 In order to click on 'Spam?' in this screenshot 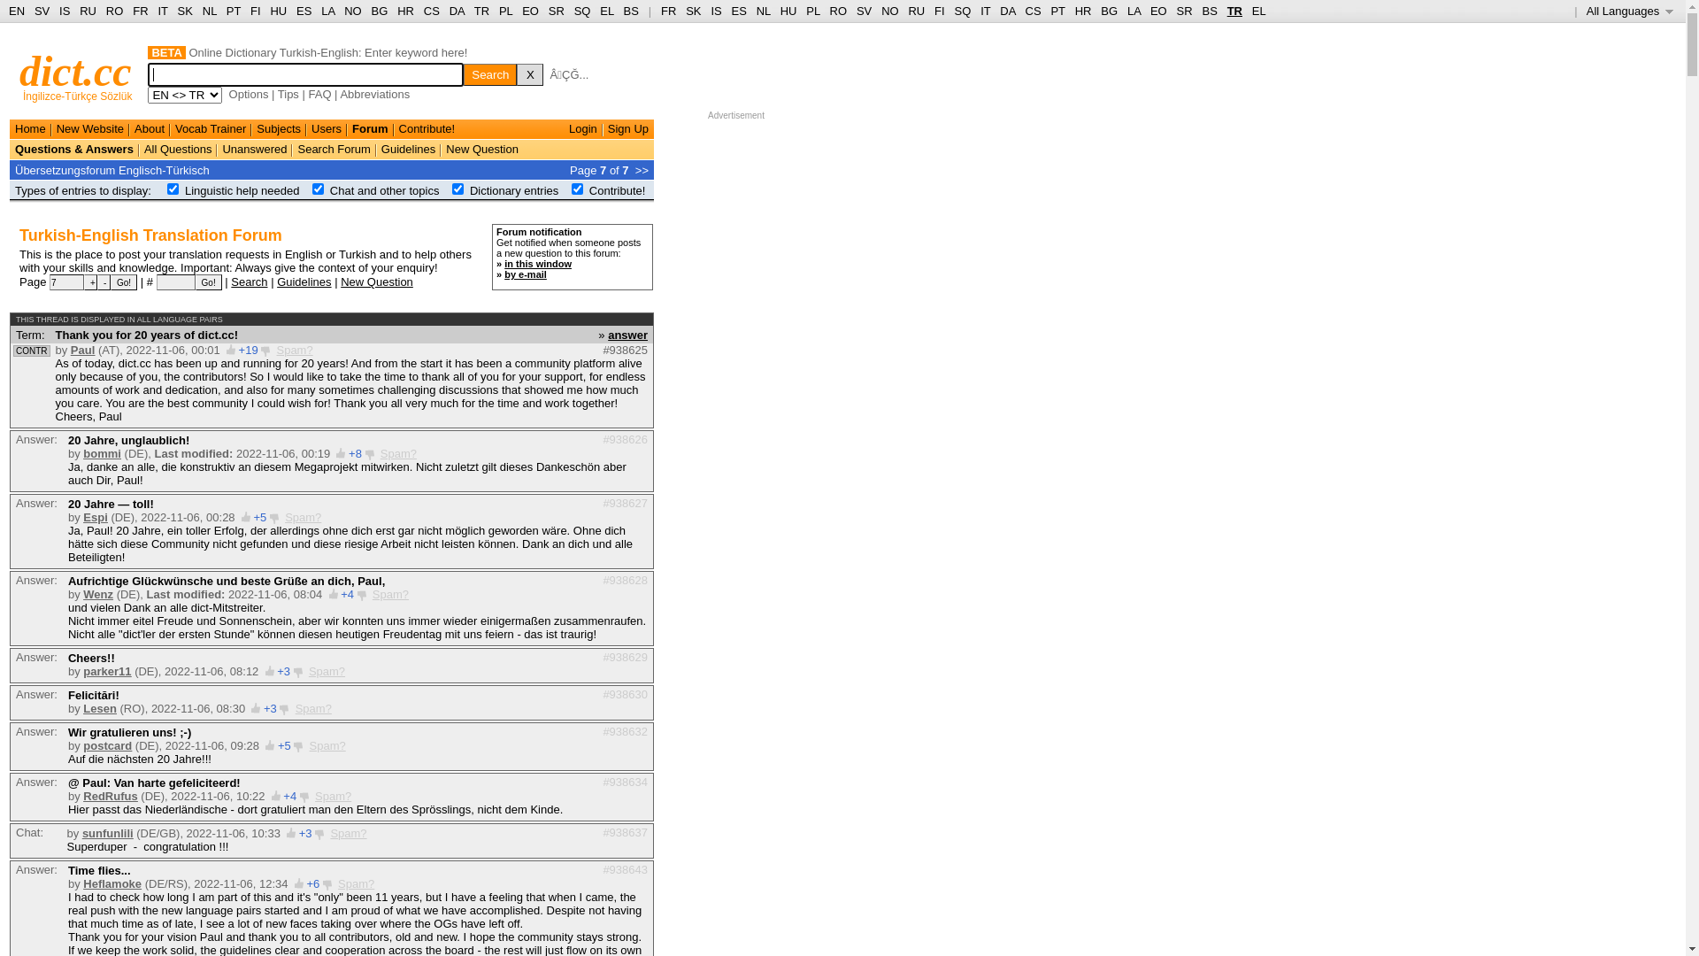, I will do `click(355, 883)`.